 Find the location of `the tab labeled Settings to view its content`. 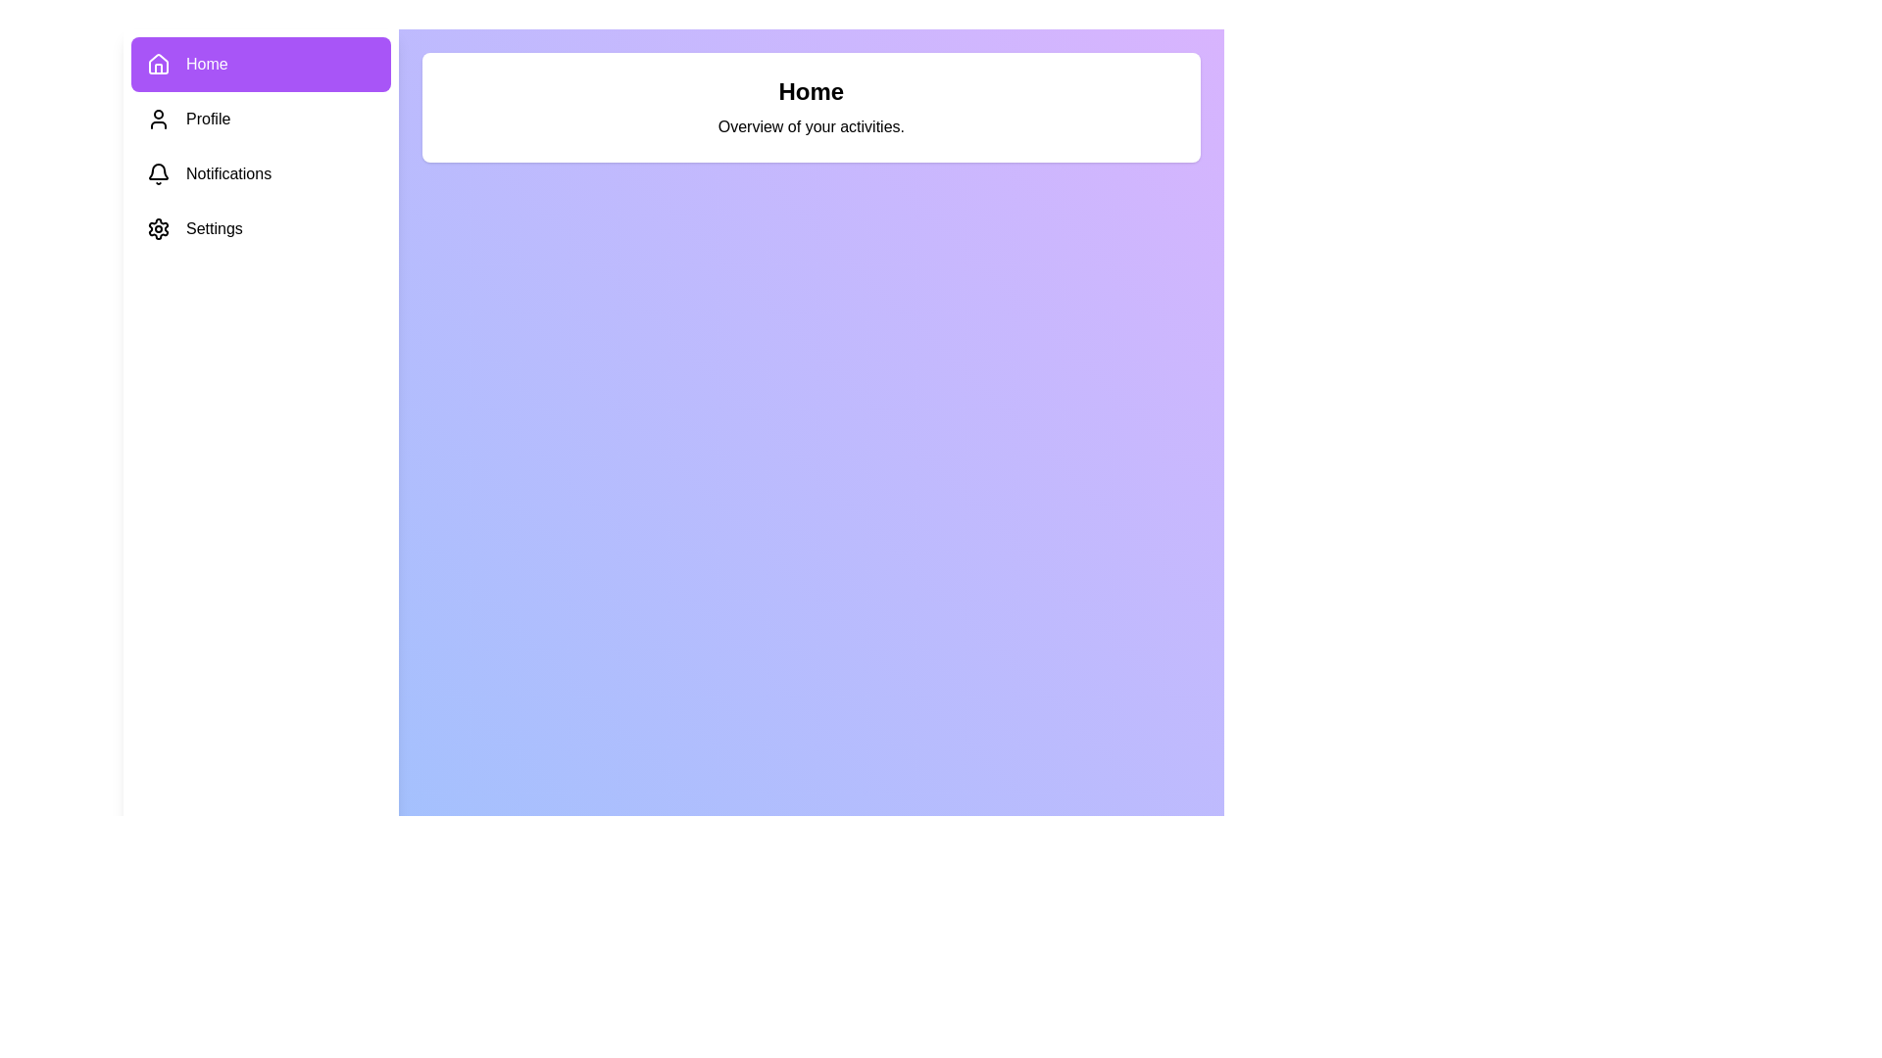

the tab labeled Settings to view its content is located at coordinates (260, 228).